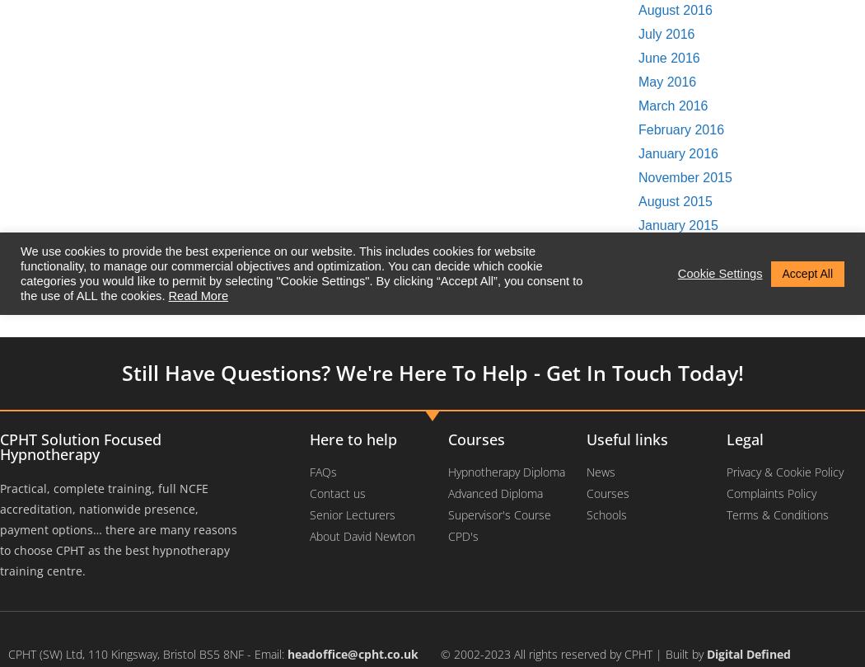  What do you see at coordinates (361, 535) in the screenshot?
I see `'About David Newton'` at bounding box center [361, 535].